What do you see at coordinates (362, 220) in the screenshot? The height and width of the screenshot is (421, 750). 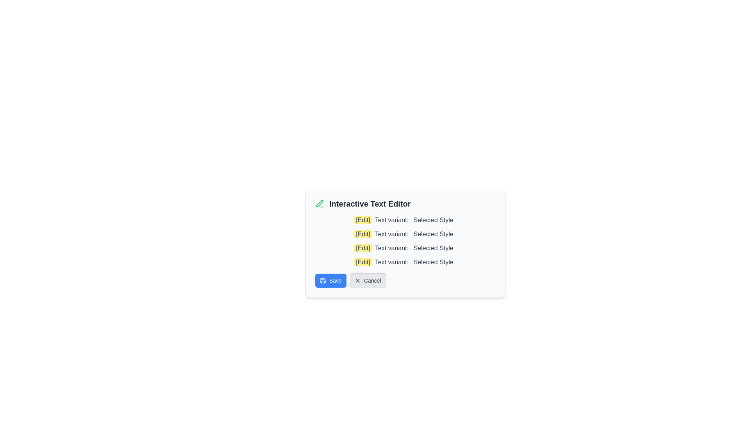 I see `the edit button located at the upper-middle region of the modal interface, which is aligned to the leftmost position among its siblings and is associated with the label 'Text variant: Selected Style'` at bounding box center [362, 220].